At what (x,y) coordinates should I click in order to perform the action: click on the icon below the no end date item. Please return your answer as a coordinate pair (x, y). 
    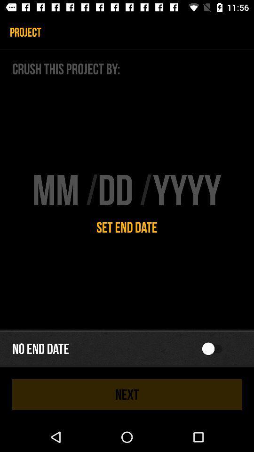
    Looking at the image, I should click on (127, 394).